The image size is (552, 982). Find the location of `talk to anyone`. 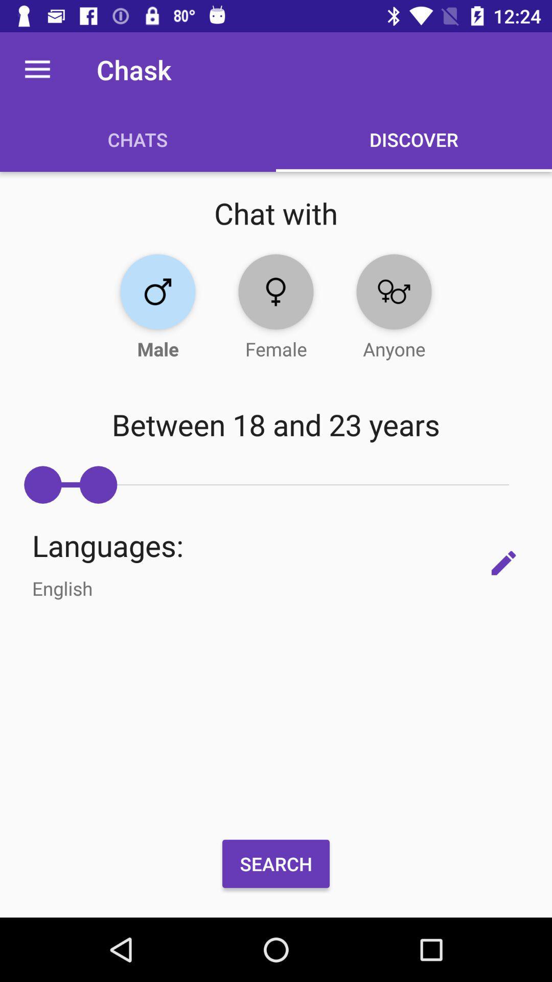

talk to anyone is located at coordinates (394, 291).